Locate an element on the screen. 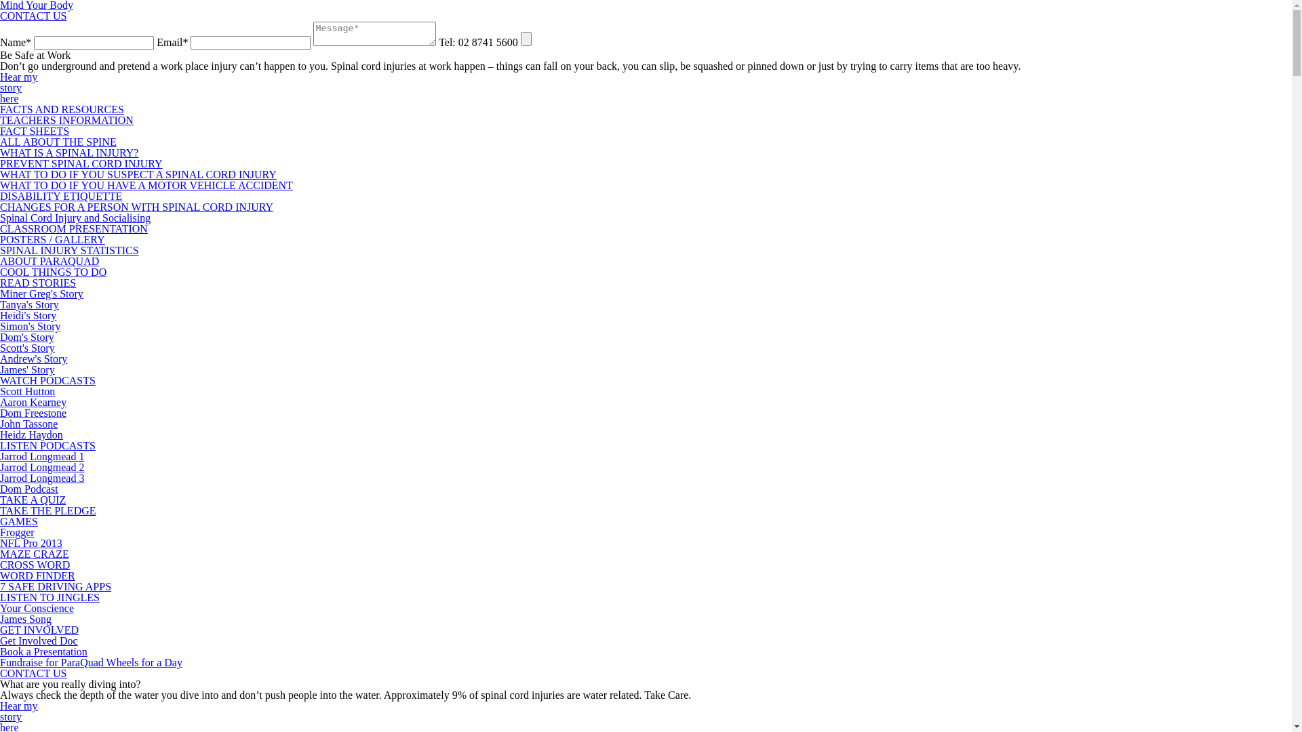 Image resolution: width=1302 pixels, height=732 pixels. 'CLASSROOM PRESENTATION' is located at coordinates (73, 228).